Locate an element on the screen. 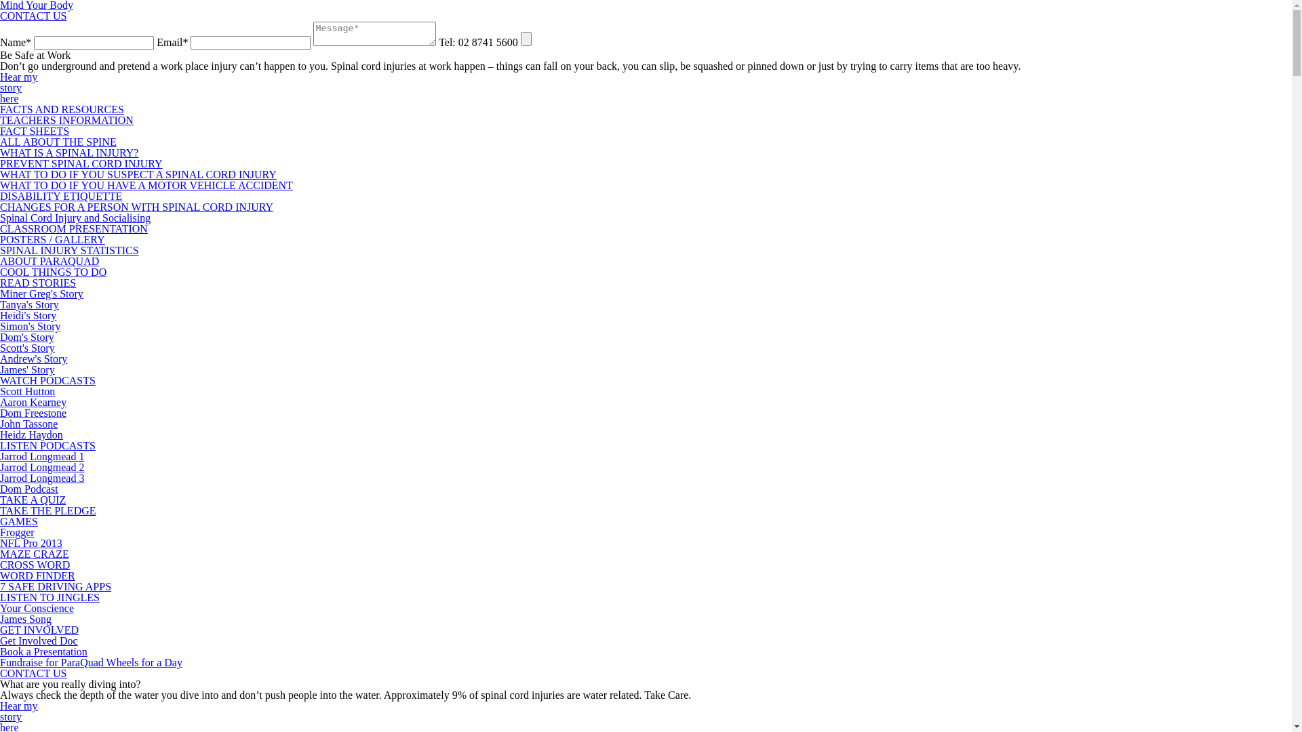 Image resolution: width=1302 pixels, height=732 pixels. 'CLASSROOM PRESENTATION' is located at coordinates (73, 228).